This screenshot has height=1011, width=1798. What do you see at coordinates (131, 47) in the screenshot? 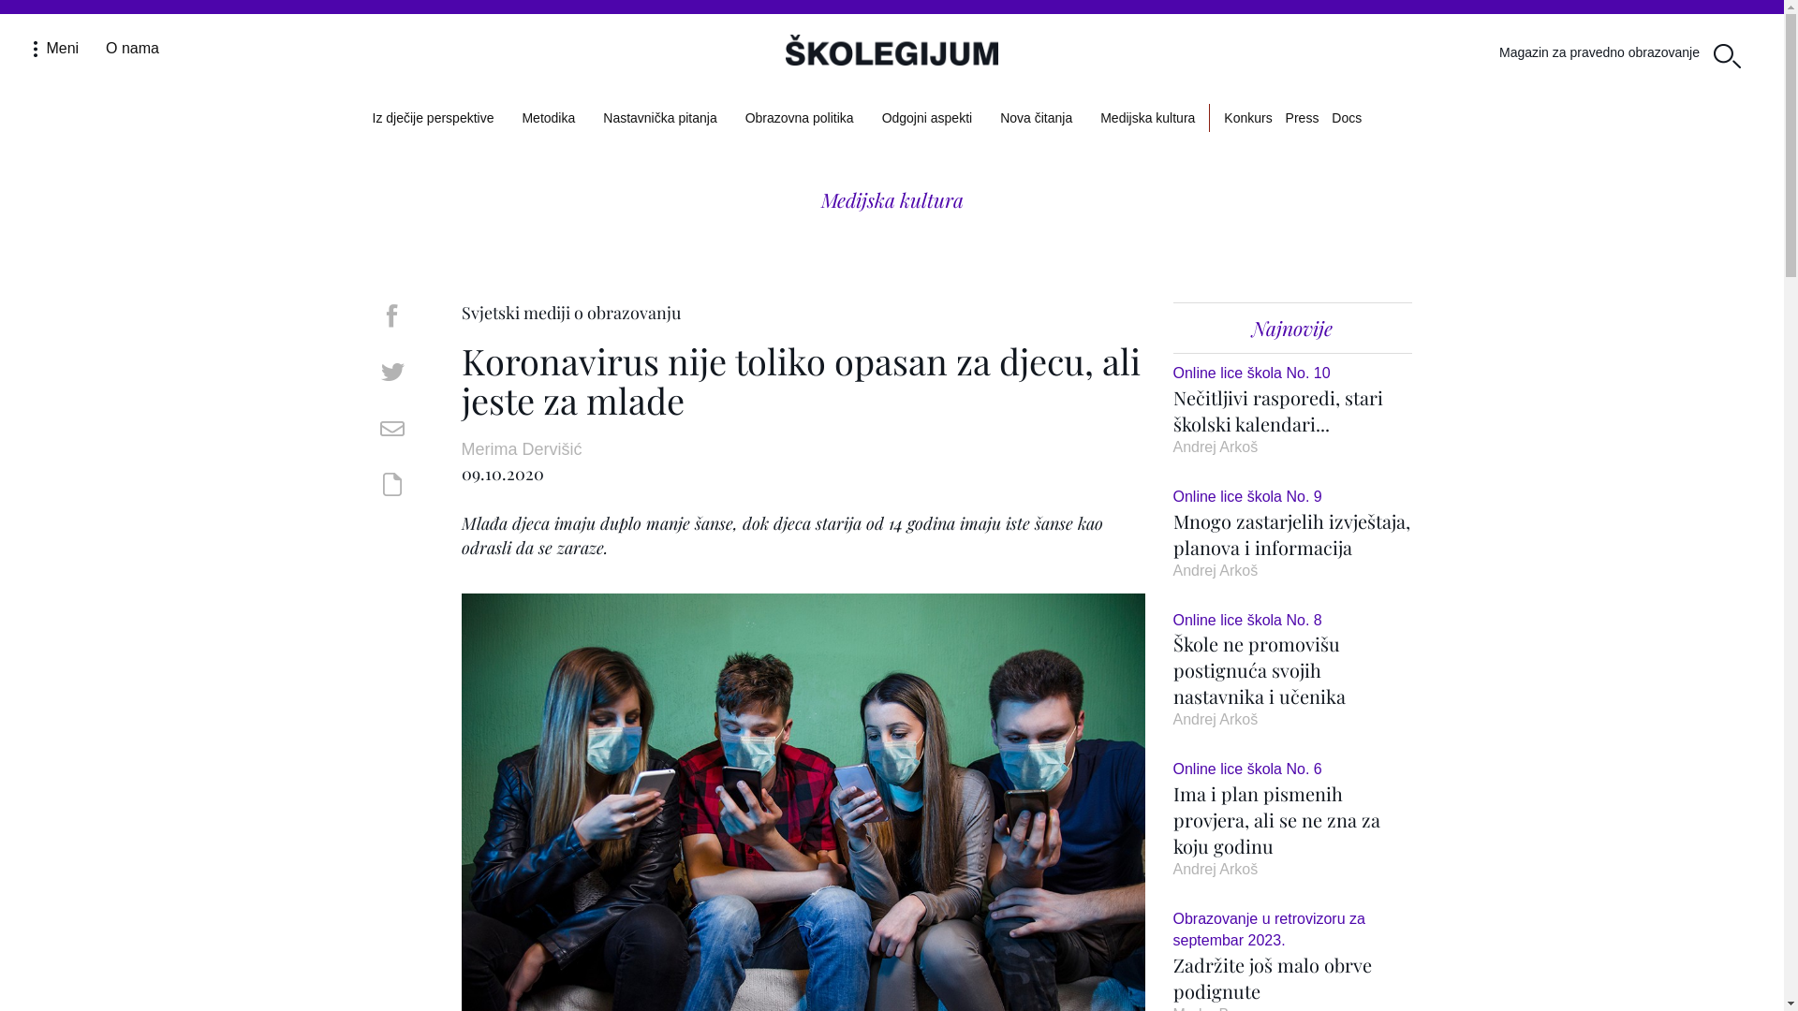
I see `'O nama'` at bounding box center [131, 47].